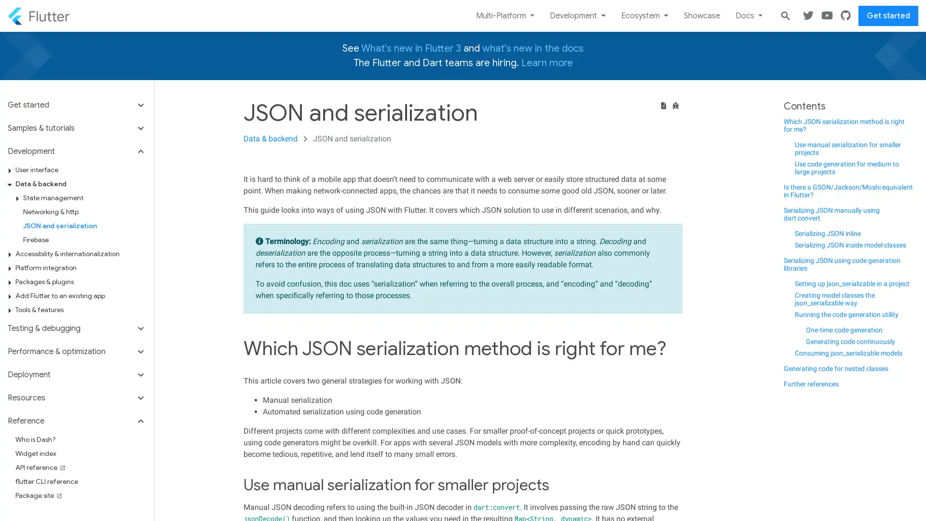 Image resolution: width=926 pixels, height=521 pixels. What do you see at coordinates (81, 295) in the screenshot?
I see `arrow_drop_down Add Flutter to an existing app` at bounding box center [81, 295].